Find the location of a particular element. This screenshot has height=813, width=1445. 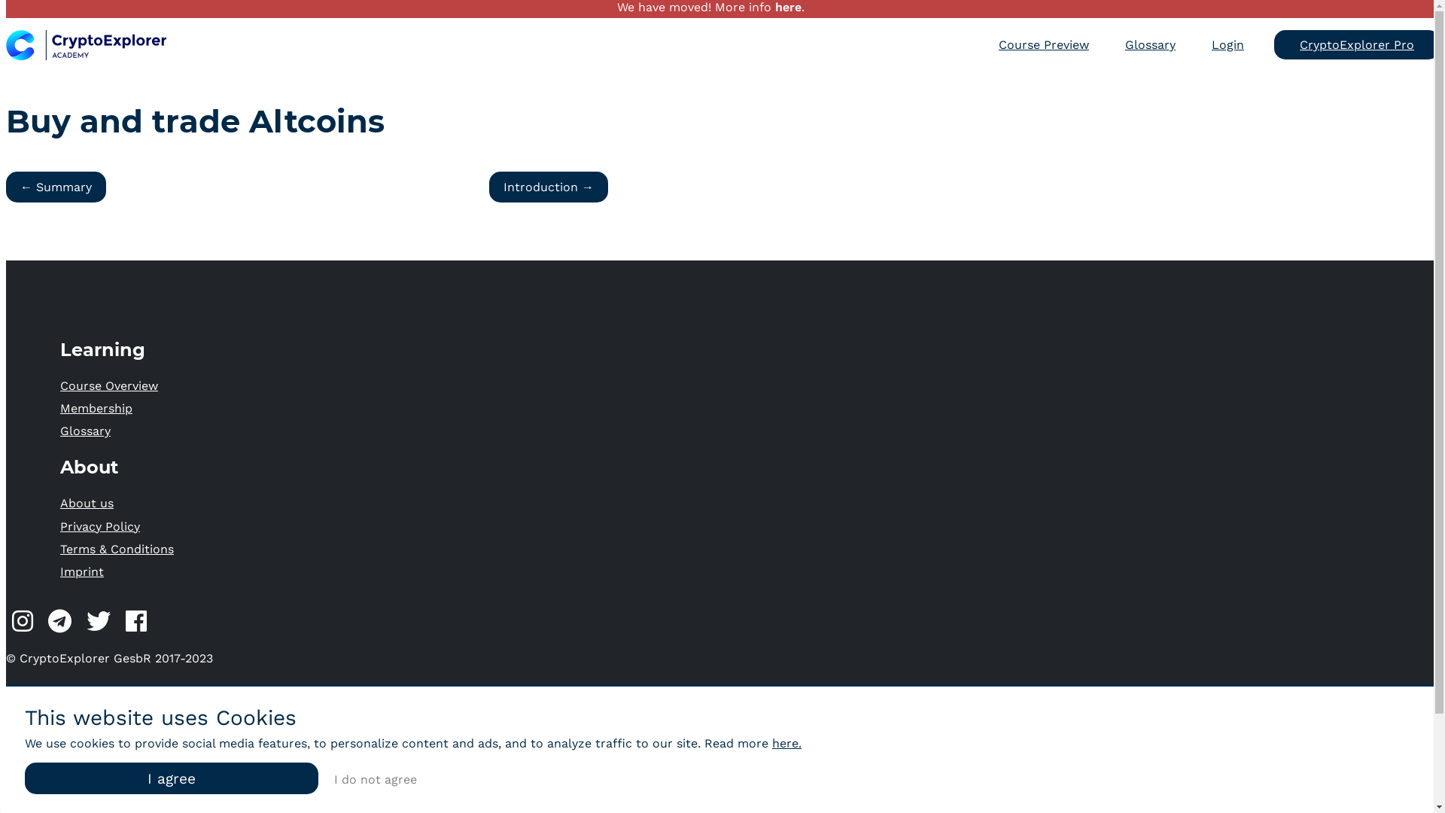

'Summary' is located at coordinates (56, 186).